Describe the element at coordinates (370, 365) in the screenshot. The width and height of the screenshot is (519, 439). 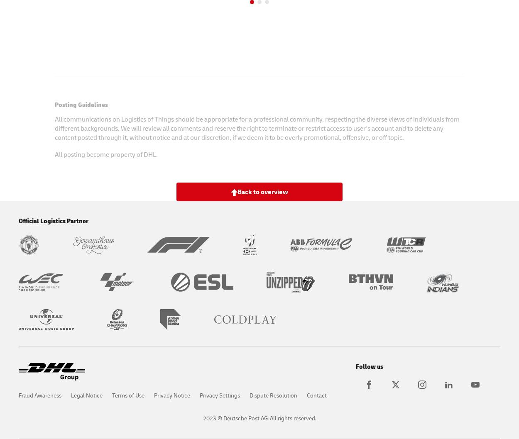
I see `'Follow us'` at that location.